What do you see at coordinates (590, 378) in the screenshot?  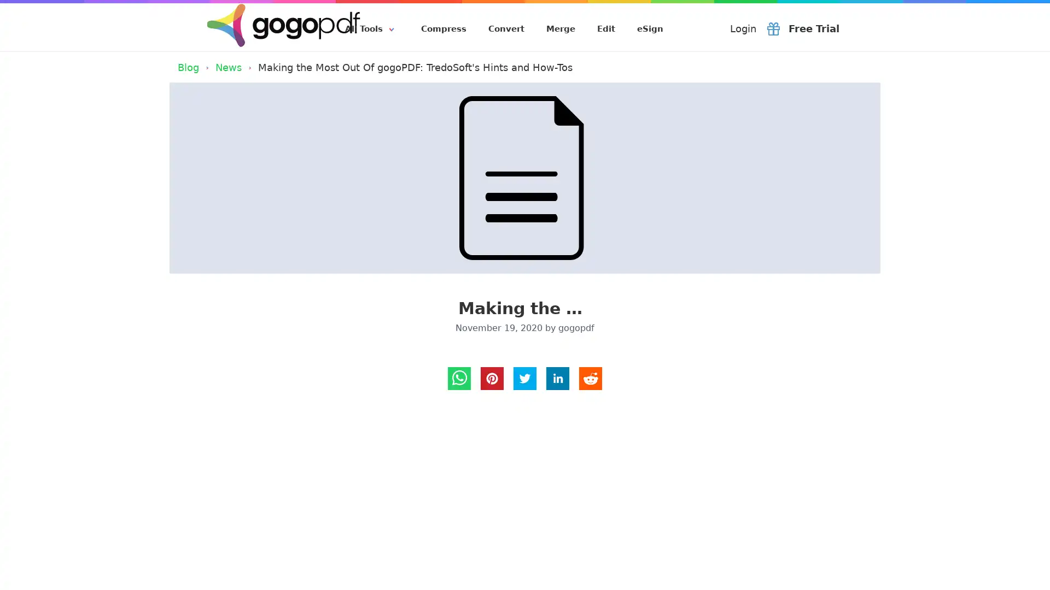 I see `reddit` at bounding box center [590, 378].